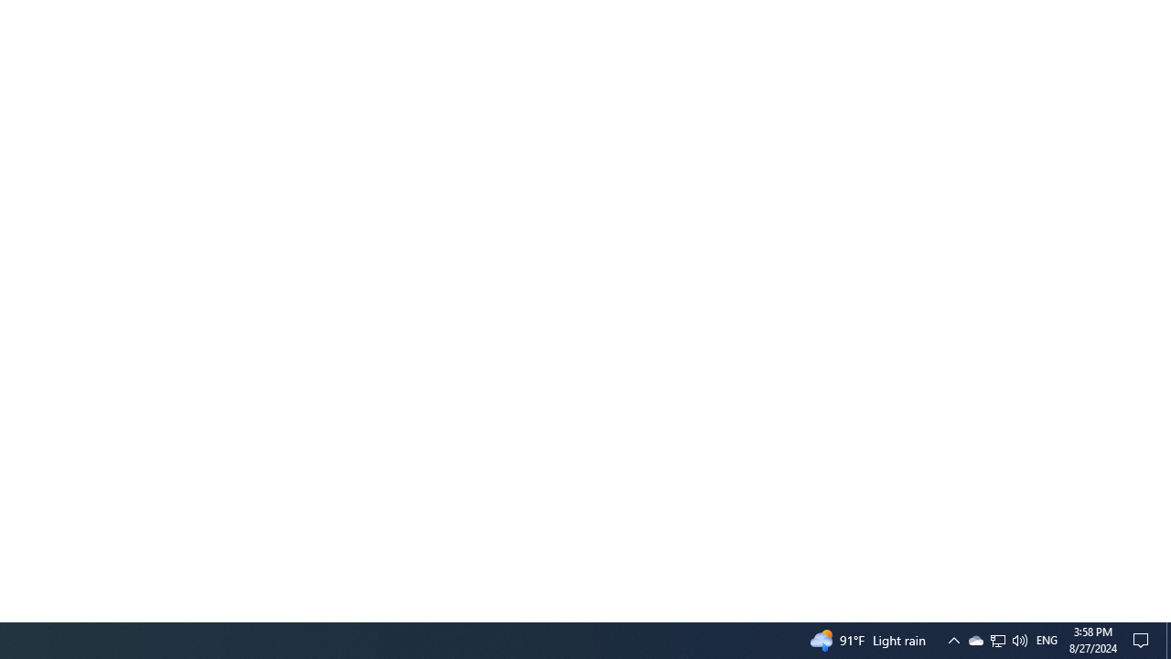  Describe the element at coordinates (997, 639) in the screenshot. I see `'Tray Input Indicator - English (United States)'` at that location.